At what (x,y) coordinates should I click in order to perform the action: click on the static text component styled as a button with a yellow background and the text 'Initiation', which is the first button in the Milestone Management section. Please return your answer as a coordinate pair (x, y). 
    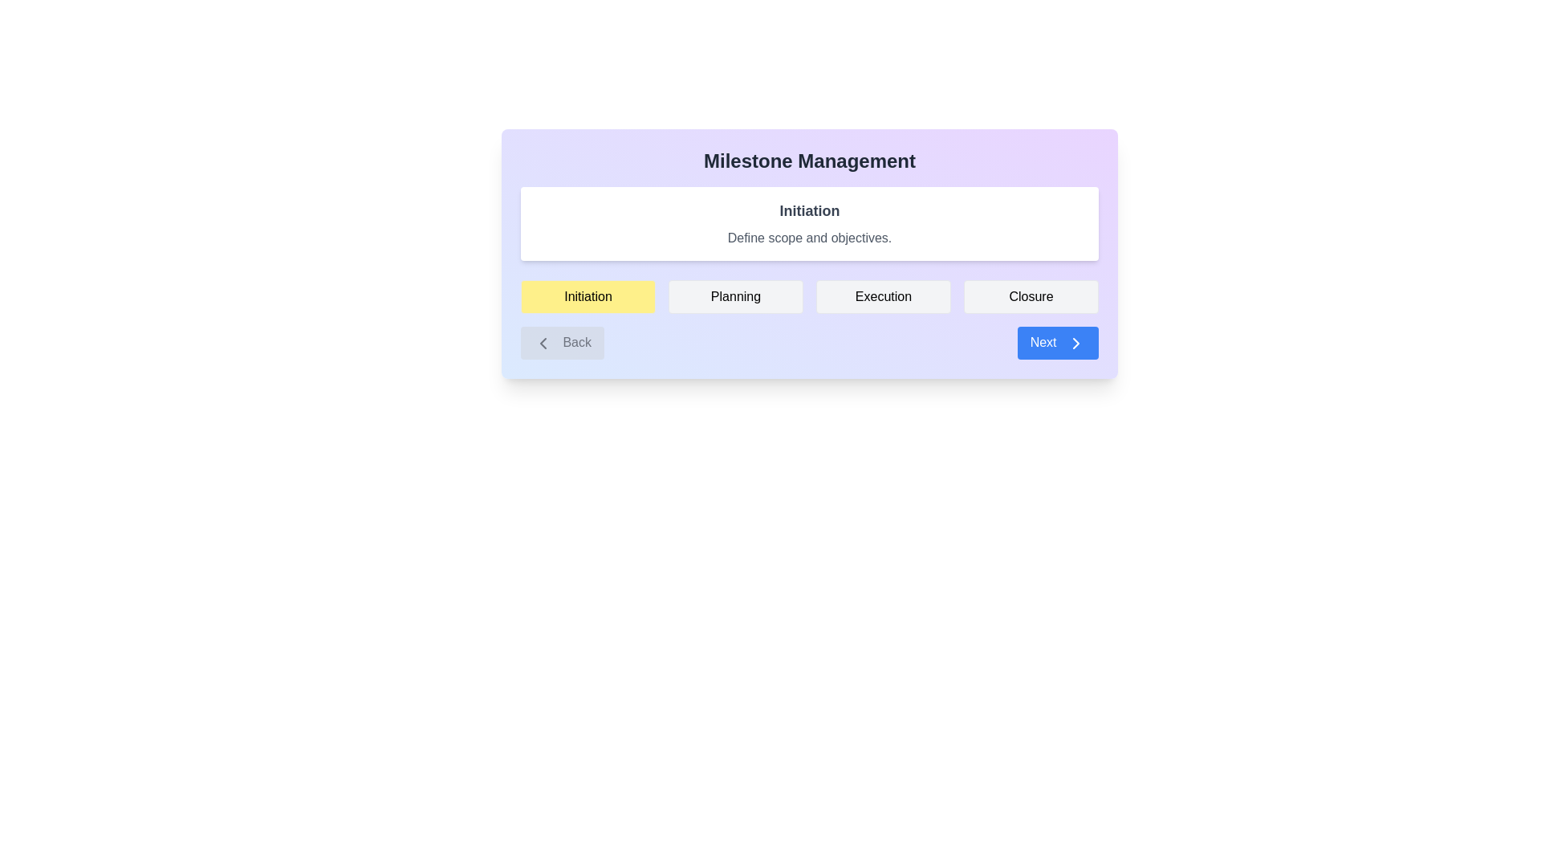
    Looking at the image, I should click on (588, 297).